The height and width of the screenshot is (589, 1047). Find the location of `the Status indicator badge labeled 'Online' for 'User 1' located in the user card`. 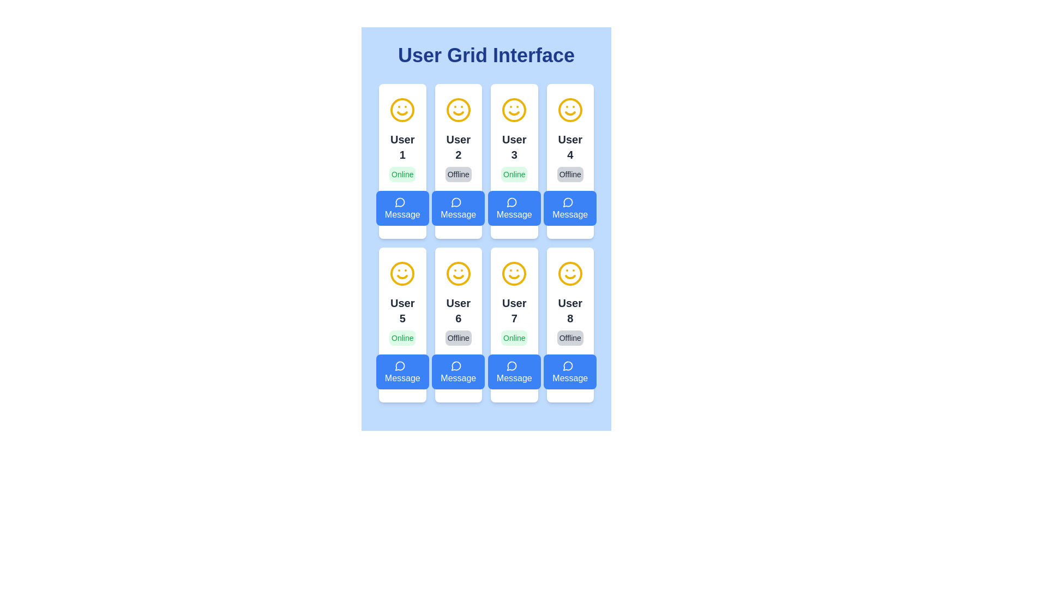

the Status indicator badge labeled 'Online' for 'User 1' located in the user card is located at coordinates (402, 174).